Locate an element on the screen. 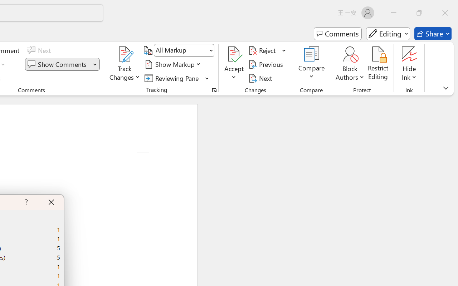 Image resolution: width=458 pixels, height=286 pixels. 'Track Changes' is located at coordinates (125, 64).